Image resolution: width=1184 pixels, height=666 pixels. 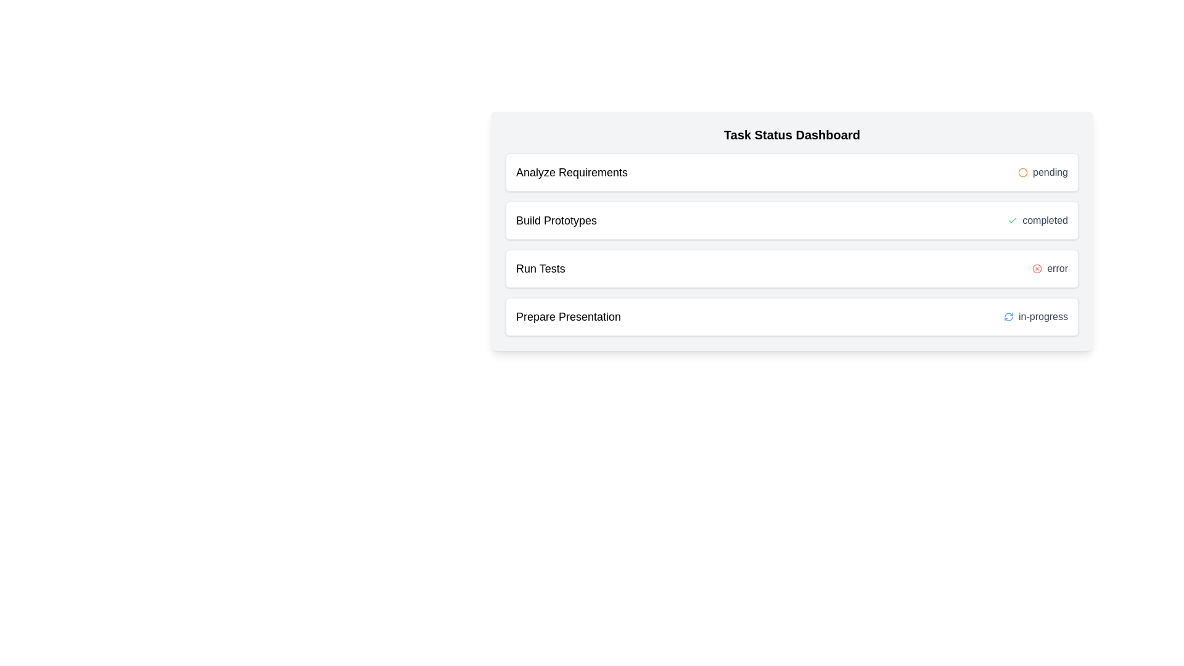 I want to click on the text label displaying the word 'error' located in the third row of the list under the 'Run Tests' task, positioned to the right of the red error icon, so click(x=1057, y=268).